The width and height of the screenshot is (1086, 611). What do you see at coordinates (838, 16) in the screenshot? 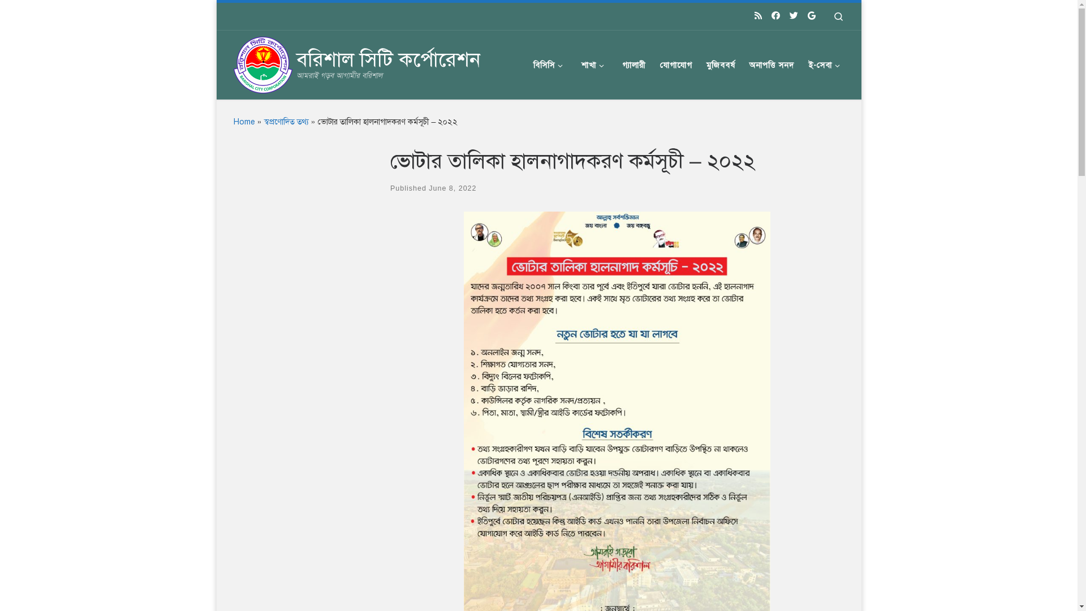
I see `'Search'` at bounding box center [838, 16].